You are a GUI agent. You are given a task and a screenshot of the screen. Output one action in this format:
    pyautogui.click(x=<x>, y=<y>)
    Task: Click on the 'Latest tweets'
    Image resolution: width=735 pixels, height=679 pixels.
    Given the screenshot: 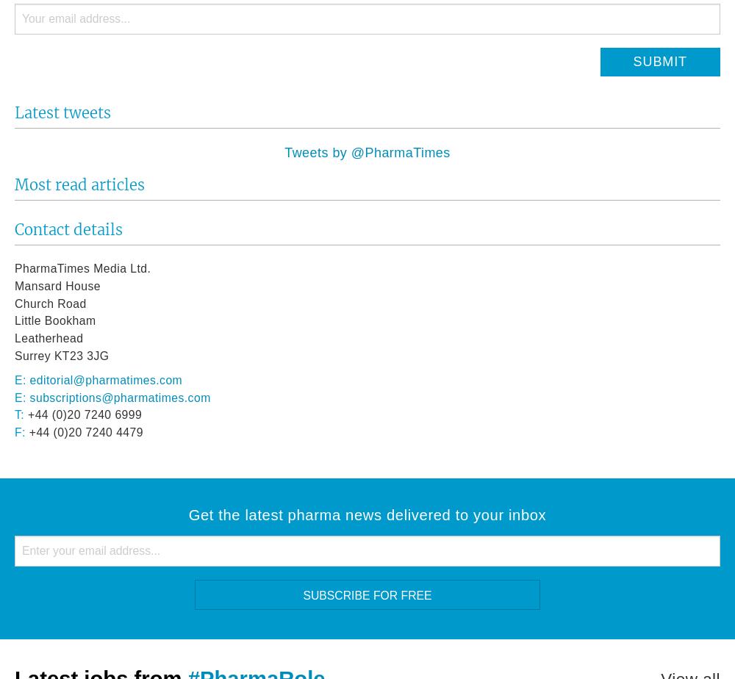 What is the action you would take?
    pyautogui.click(x=62, y=112)
    